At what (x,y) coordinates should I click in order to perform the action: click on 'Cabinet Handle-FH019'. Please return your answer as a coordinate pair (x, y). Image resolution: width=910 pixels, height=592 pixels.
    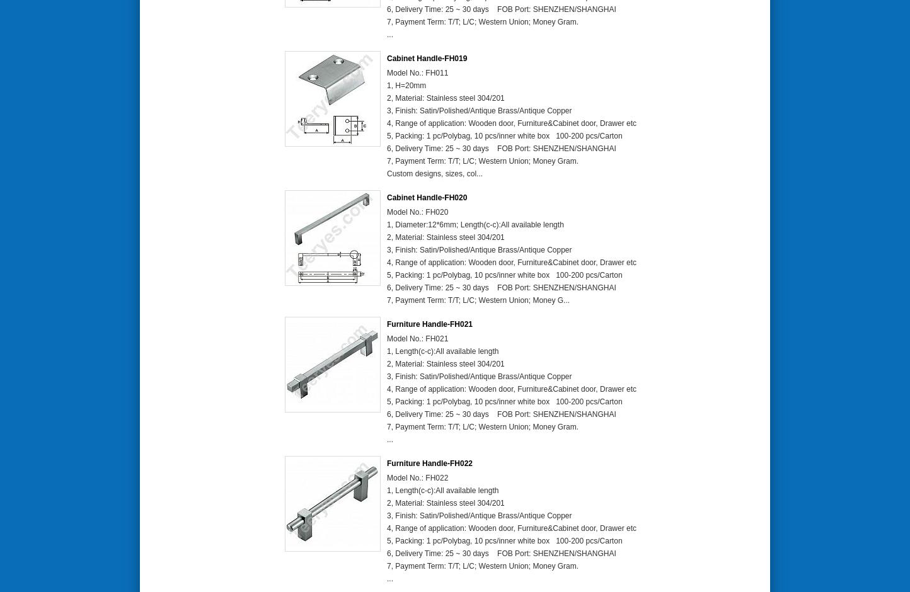
    Looking at the image, I should click on (386, 58).